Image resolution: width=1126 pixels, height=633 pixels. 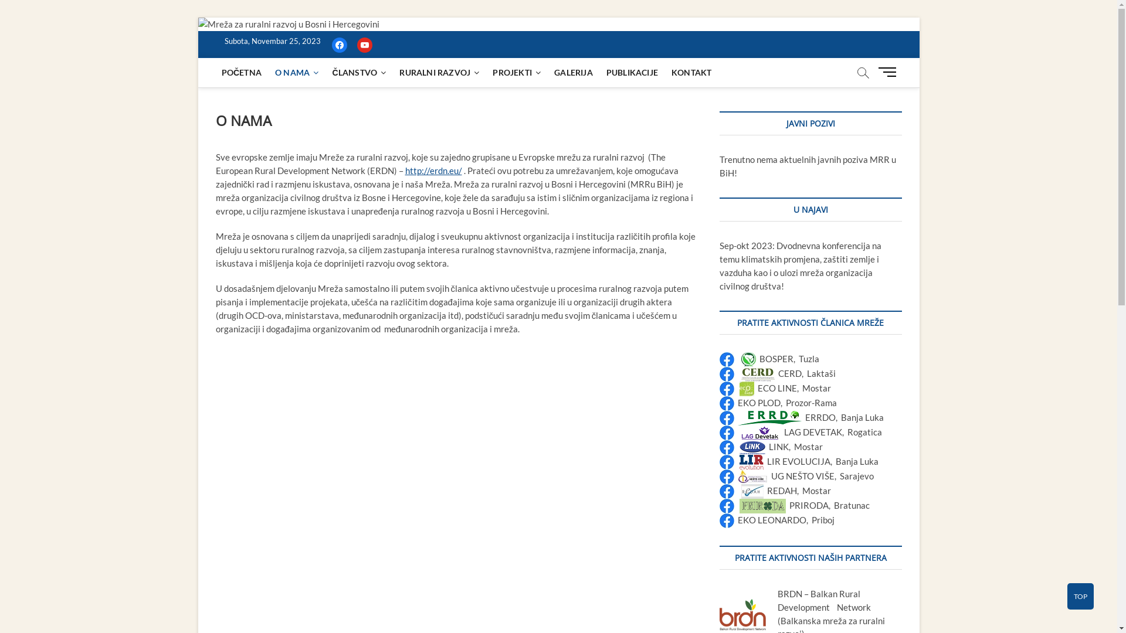 I want to click on 'RURALNI RAZVOJ', so click(x=438, y=72).